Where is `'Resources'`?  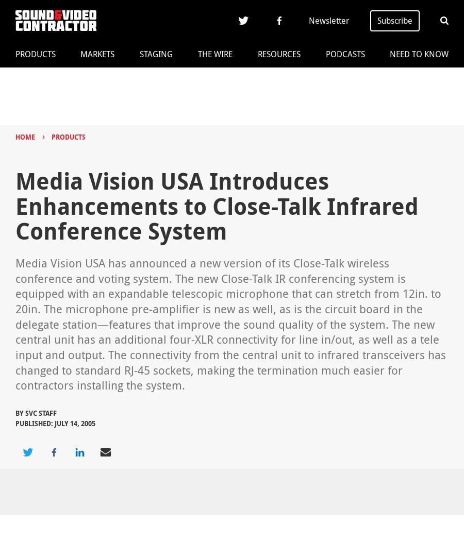 'Resources' is located at coordinates (278, 54).